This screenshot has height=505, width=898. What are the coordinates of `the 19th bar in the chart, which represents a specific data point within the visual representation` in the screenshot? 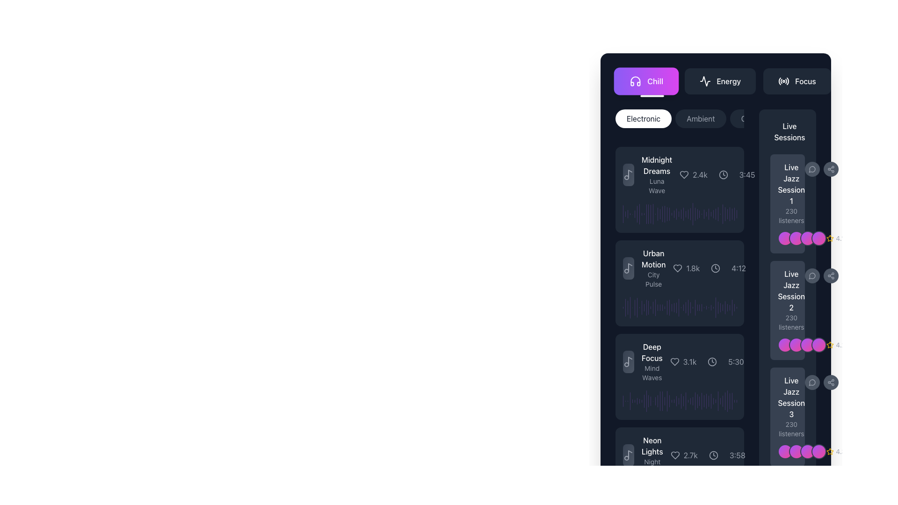 It's located at (664, 214).